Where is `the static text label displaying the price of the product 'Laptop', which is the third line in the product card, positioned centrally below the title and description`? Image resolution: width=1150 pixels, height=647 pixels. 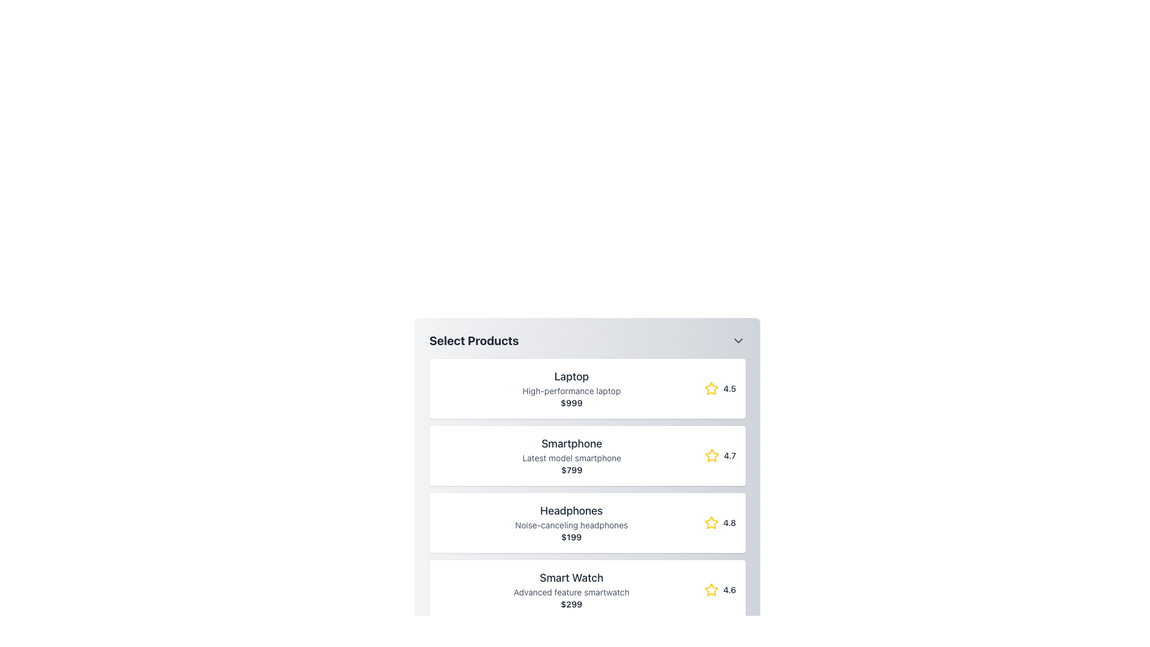 the static text label displaying the price of the product 'Laptop', which is the third line in the product card, positioned centrally below the title and description is located at coordinates (571, 403).